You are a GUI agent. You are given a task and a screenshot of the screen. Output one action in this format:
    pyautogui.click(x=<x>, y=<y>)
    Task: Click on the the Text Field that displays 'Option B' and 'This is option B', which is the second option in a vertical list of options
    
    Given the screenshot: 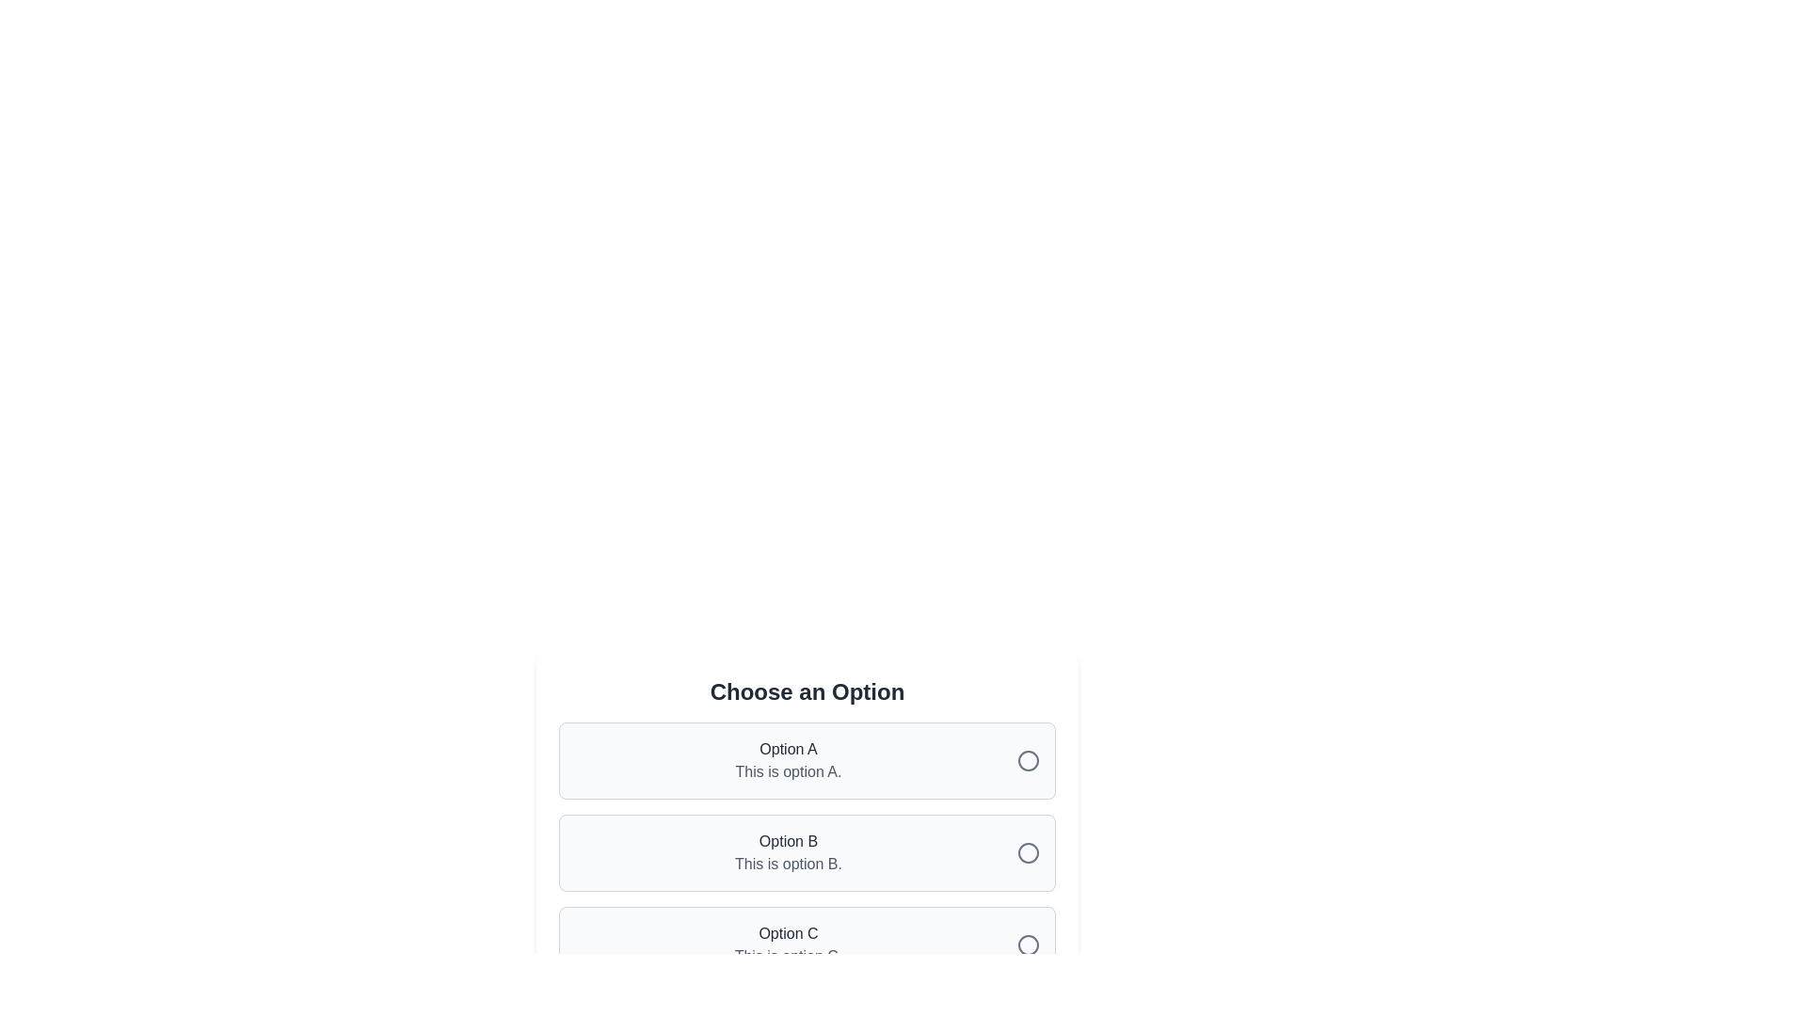 What is the action you would take?
    pyautogui.click(x=789, y=852)
    